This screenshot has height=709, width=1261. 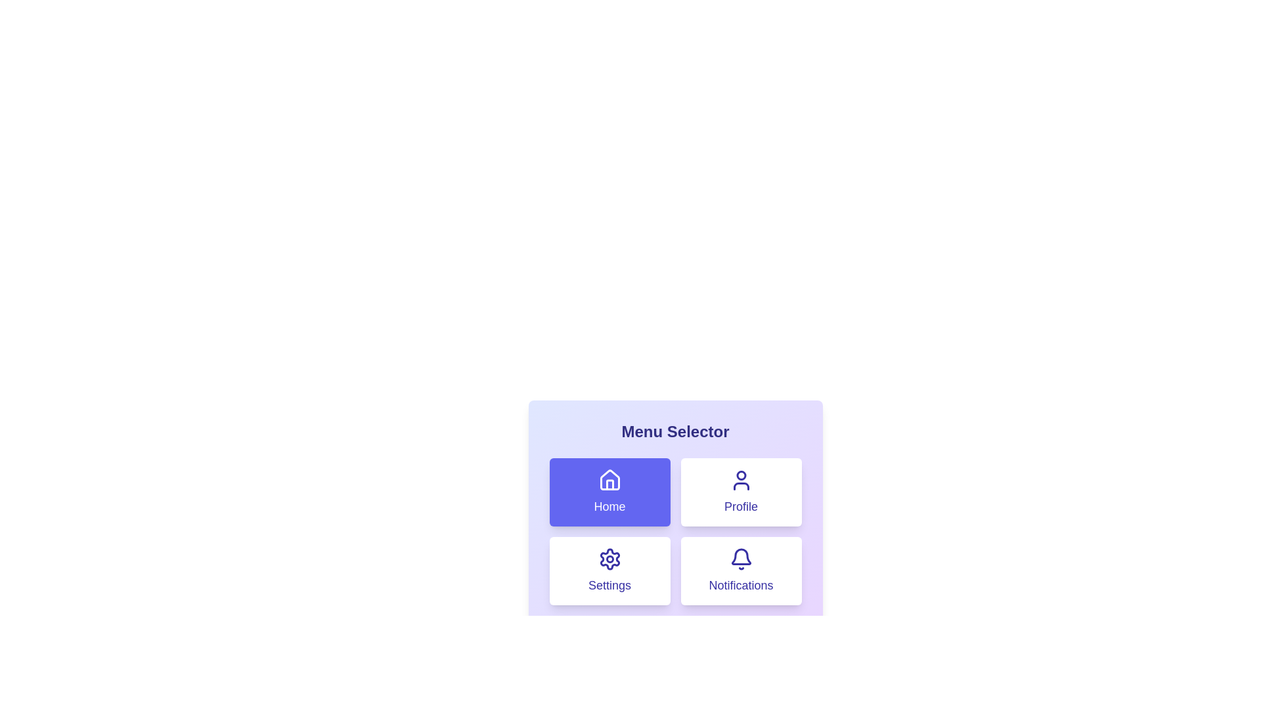 What do you see at coordinates (609, 570) in the screenshot?
I see `the menu option Settings` at bounding box center [609, 570].